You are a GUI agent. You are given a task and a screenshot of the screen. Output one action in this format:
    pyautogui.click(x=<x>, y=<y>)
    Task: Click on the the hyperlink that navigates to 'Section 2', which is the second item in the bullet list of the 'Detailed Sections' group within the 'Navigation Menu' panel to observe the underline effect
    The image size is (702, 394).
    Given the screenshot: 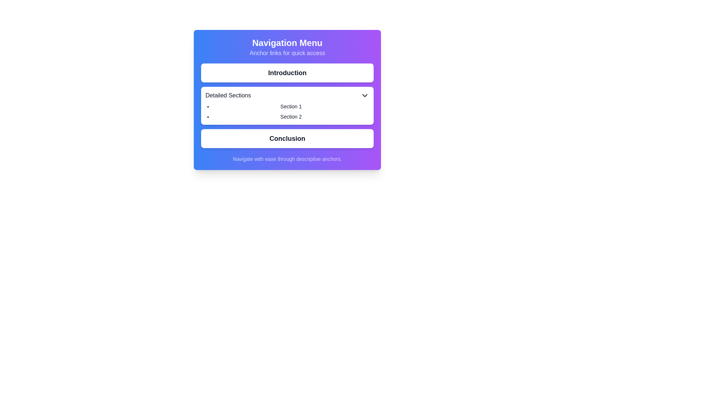 What is the action you would take?
    pyautogui.click(x=291, y=116)
    